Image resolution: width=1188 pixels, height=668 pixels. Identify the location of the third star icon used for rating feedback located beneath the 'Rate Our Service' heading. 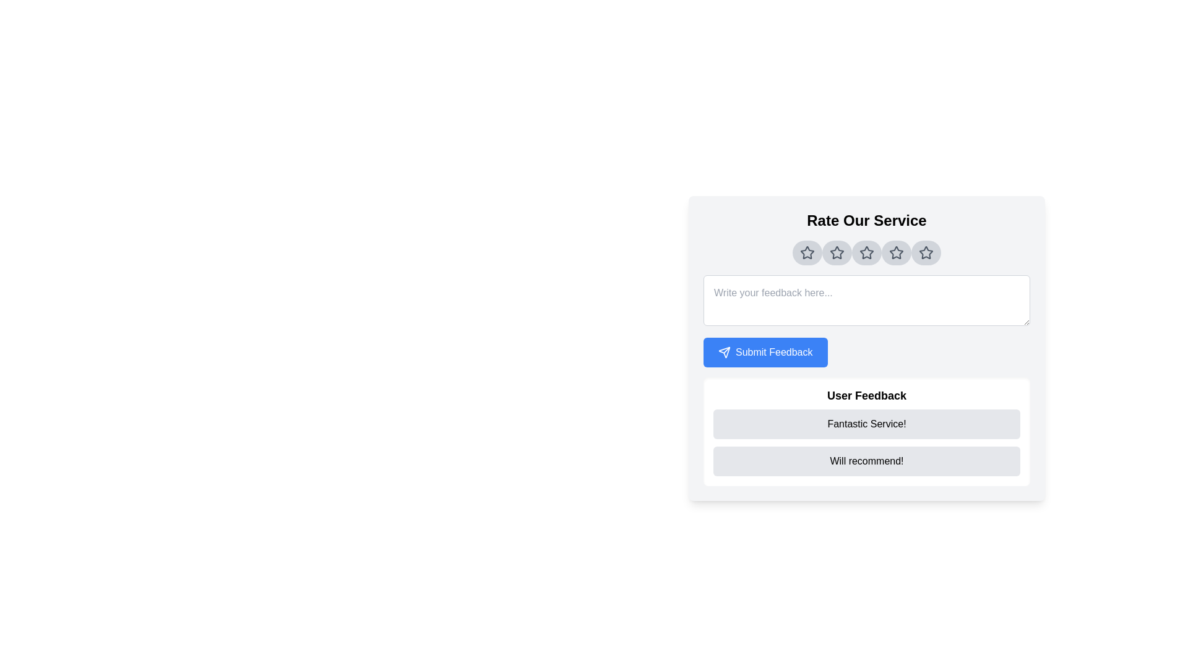
(837, 252).